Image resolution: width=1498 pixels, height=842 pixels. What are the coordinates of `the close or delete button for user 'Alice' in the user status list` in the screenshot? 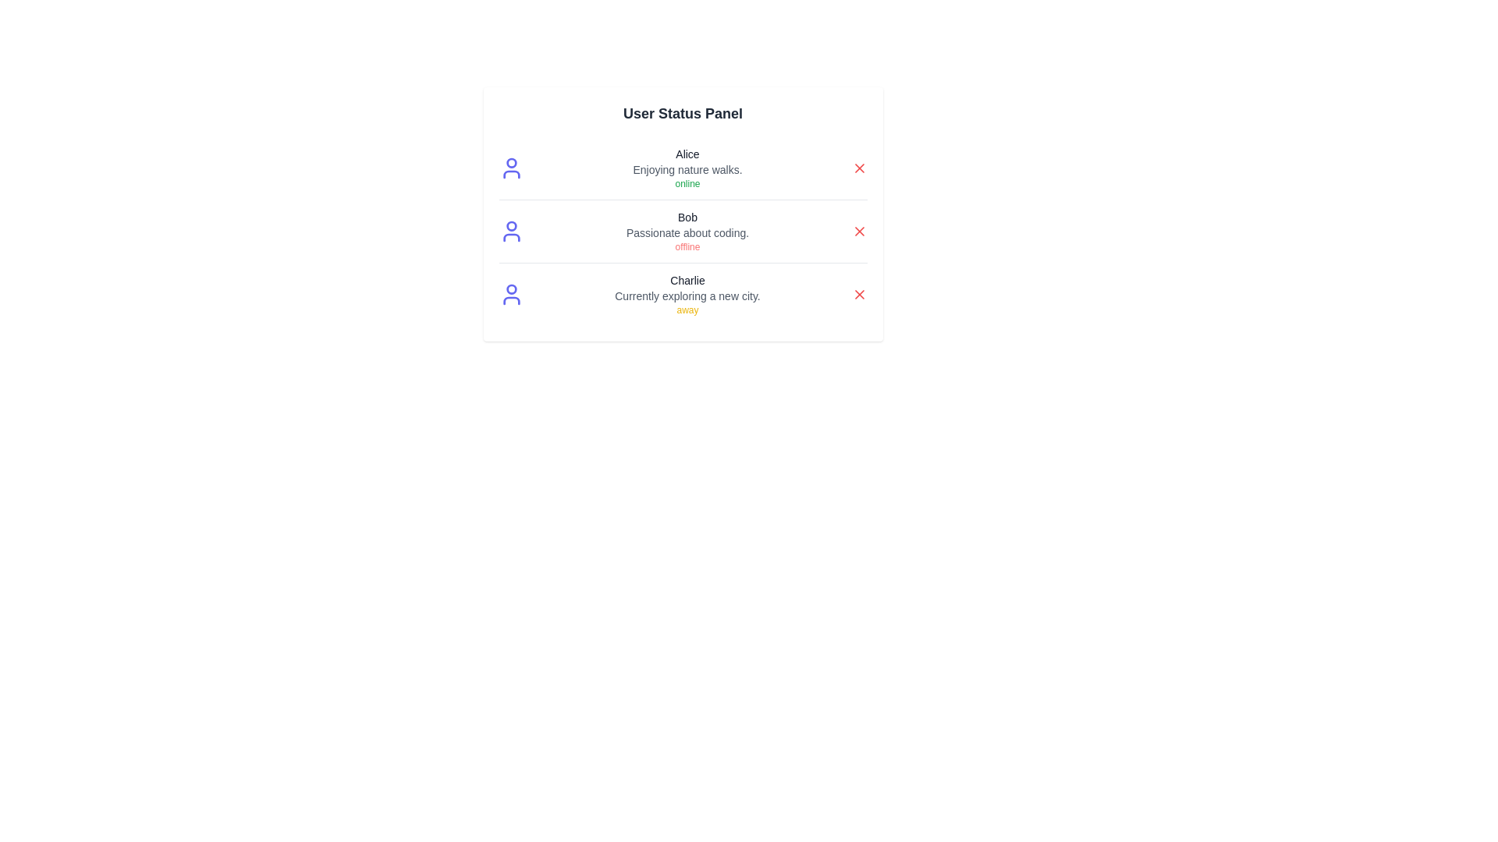 It's located at (858, 168).